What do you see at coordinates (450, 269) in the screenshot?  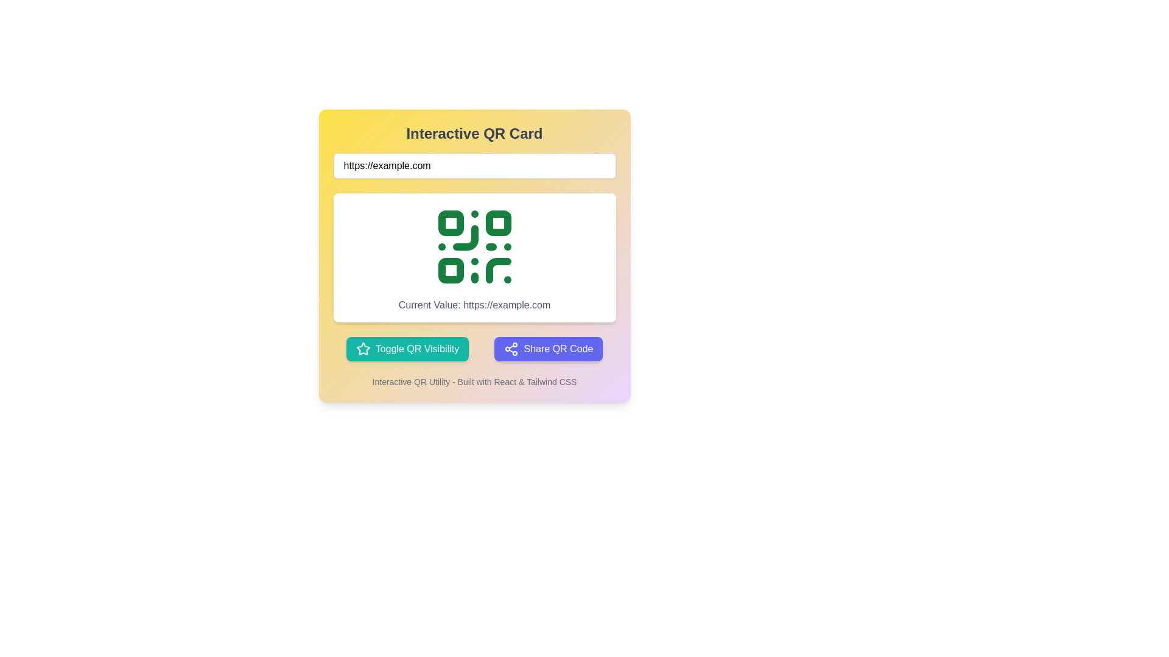 I see `the bottom left graphical component of the QR code, which is part of the QR code's visual structure and encoding standard` at bounding box center [450, 269].